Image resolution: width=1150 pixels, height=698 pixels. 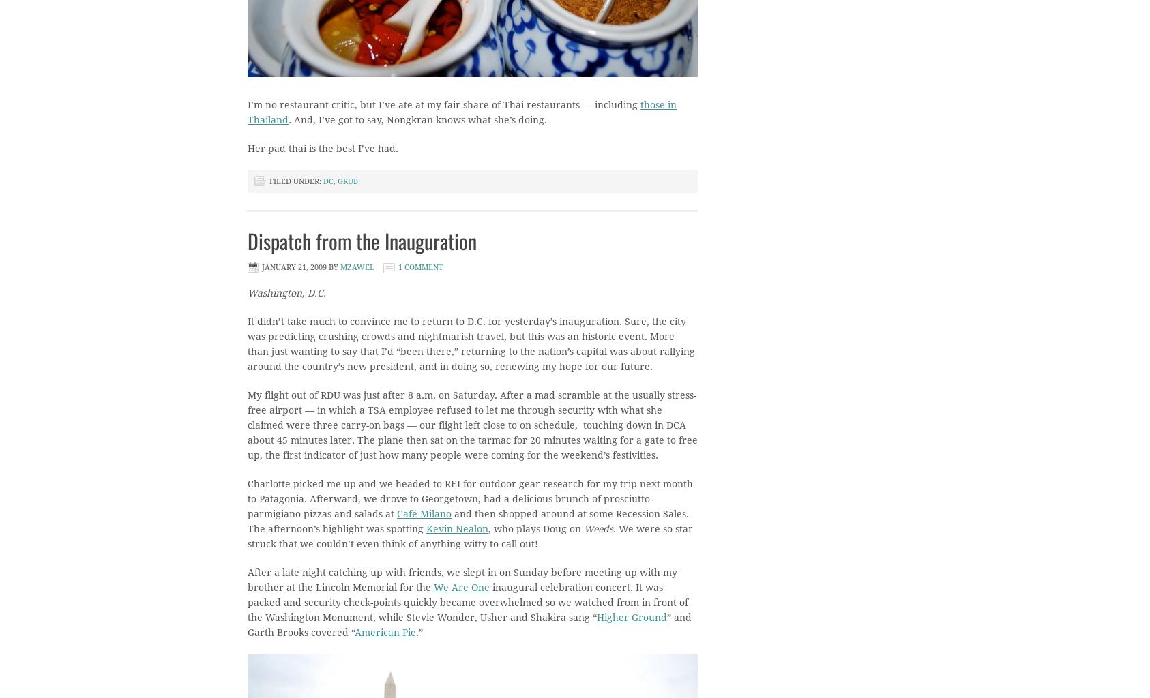 I want to click on 'It didn’t take much to convince me to return to D.C. for yesterday’s inauguration. Sure, the city was predicting crushing crowds and nightmarish travel, but this was an historic event. More than just wanting to say that I’d “been there,” returning to the nation’s capital was about rallying around the country’s new president, and in doing so, renewing my hope for our future.', so click(x=470, y=344).